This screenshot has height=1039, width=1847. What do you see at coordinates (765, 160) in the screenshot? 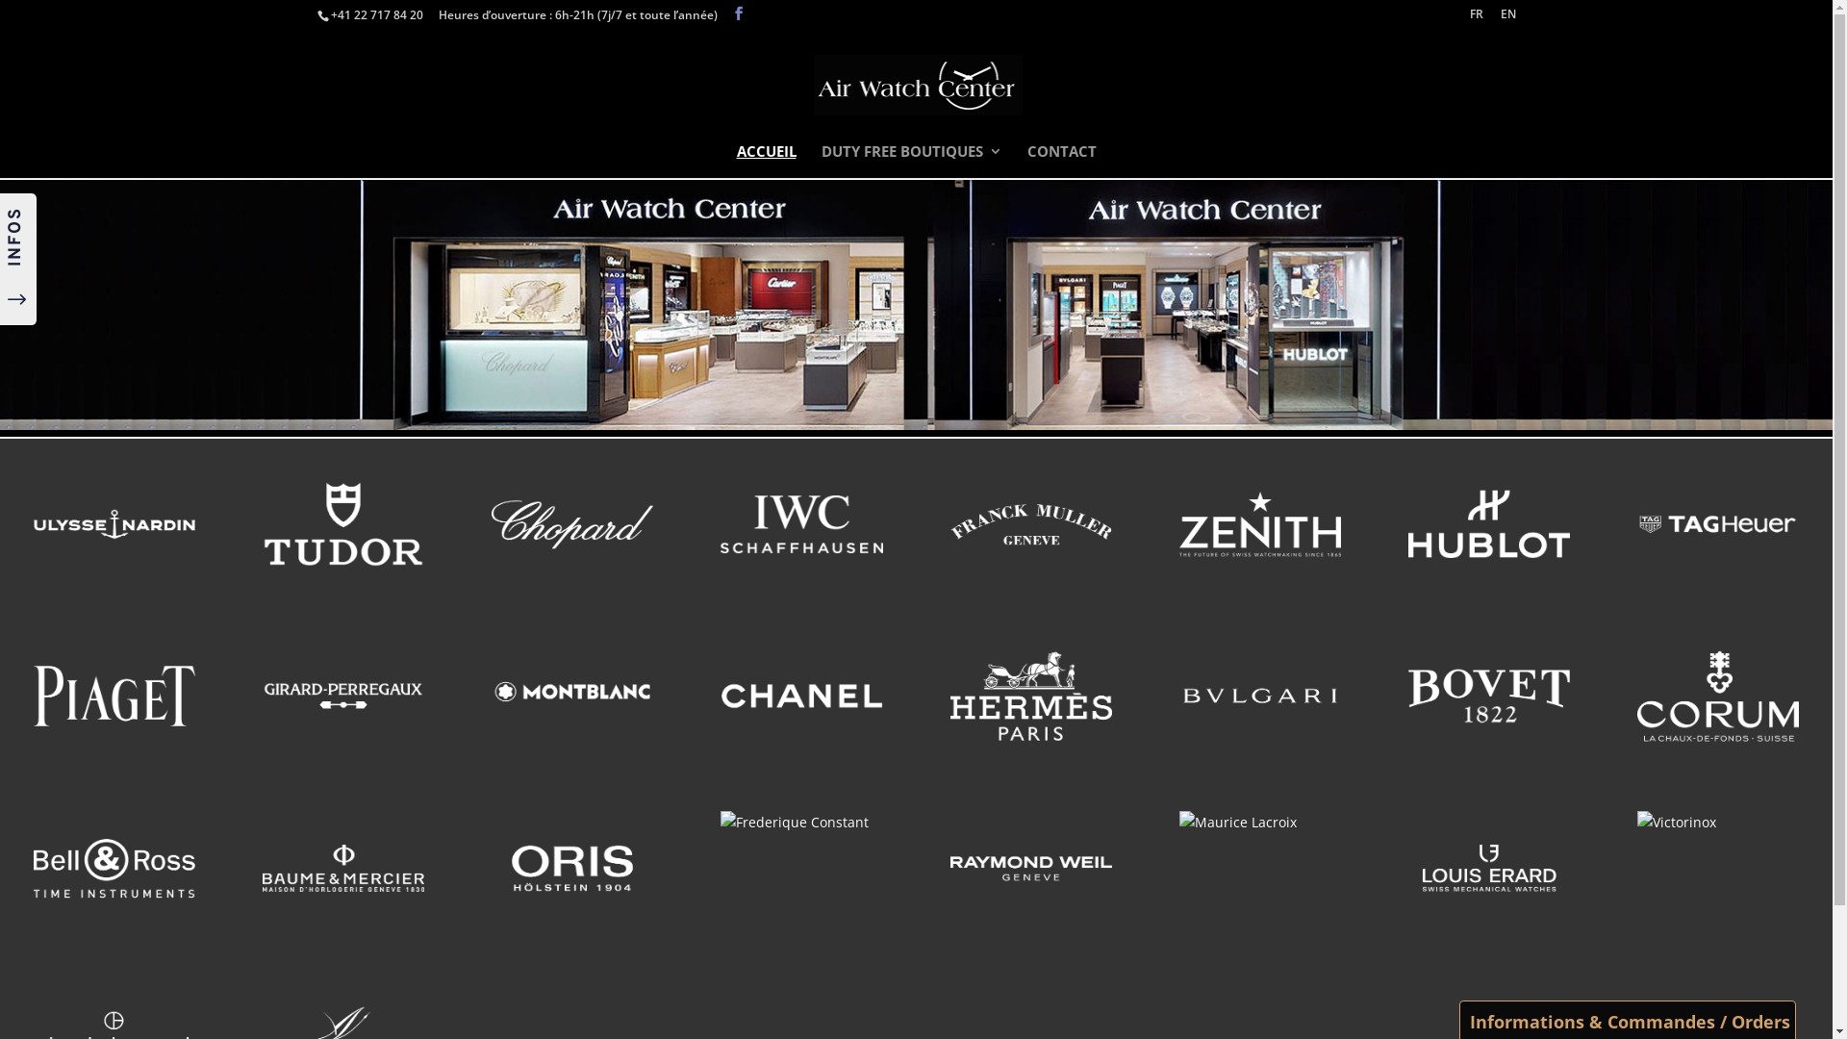
I see `'ACCUEIL'` at bounding box center [765, 160].